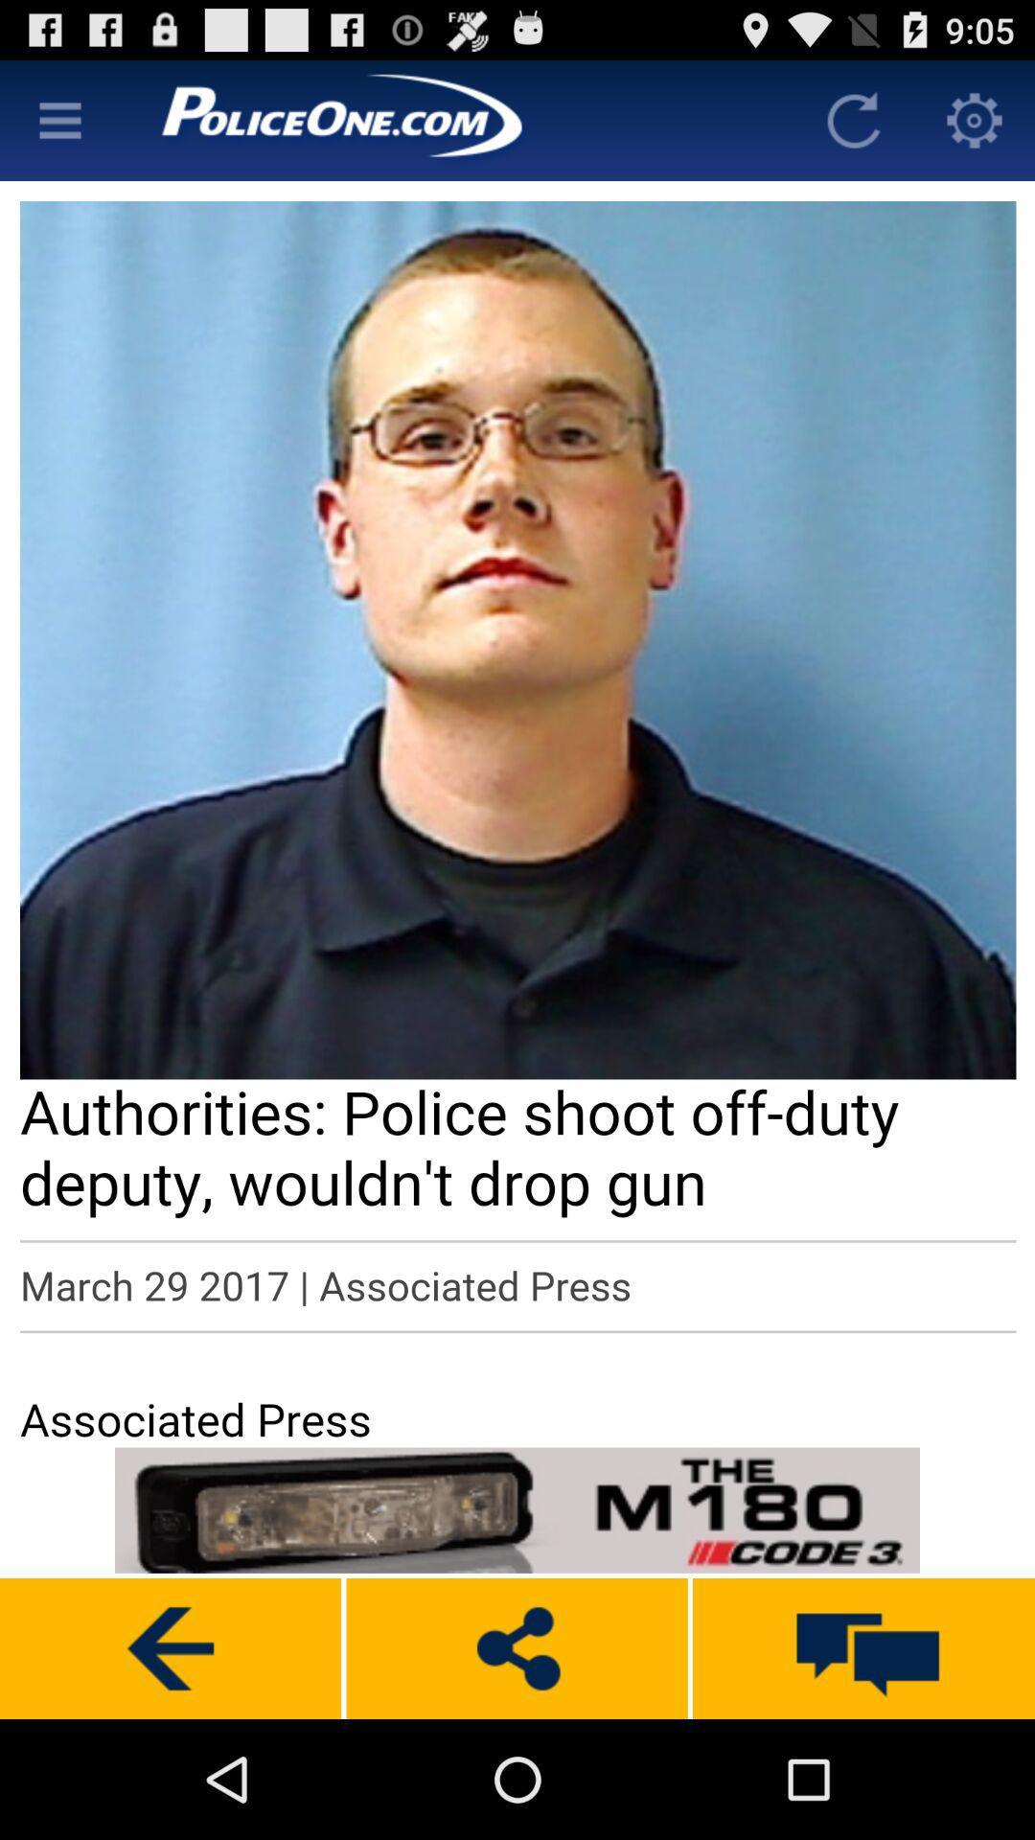 The width and height of the screenshot is (1035, 1840). What do you see at coordinates (170, 1647) in the screenshot?
I see `go back` at bounding box center [170, 1647].